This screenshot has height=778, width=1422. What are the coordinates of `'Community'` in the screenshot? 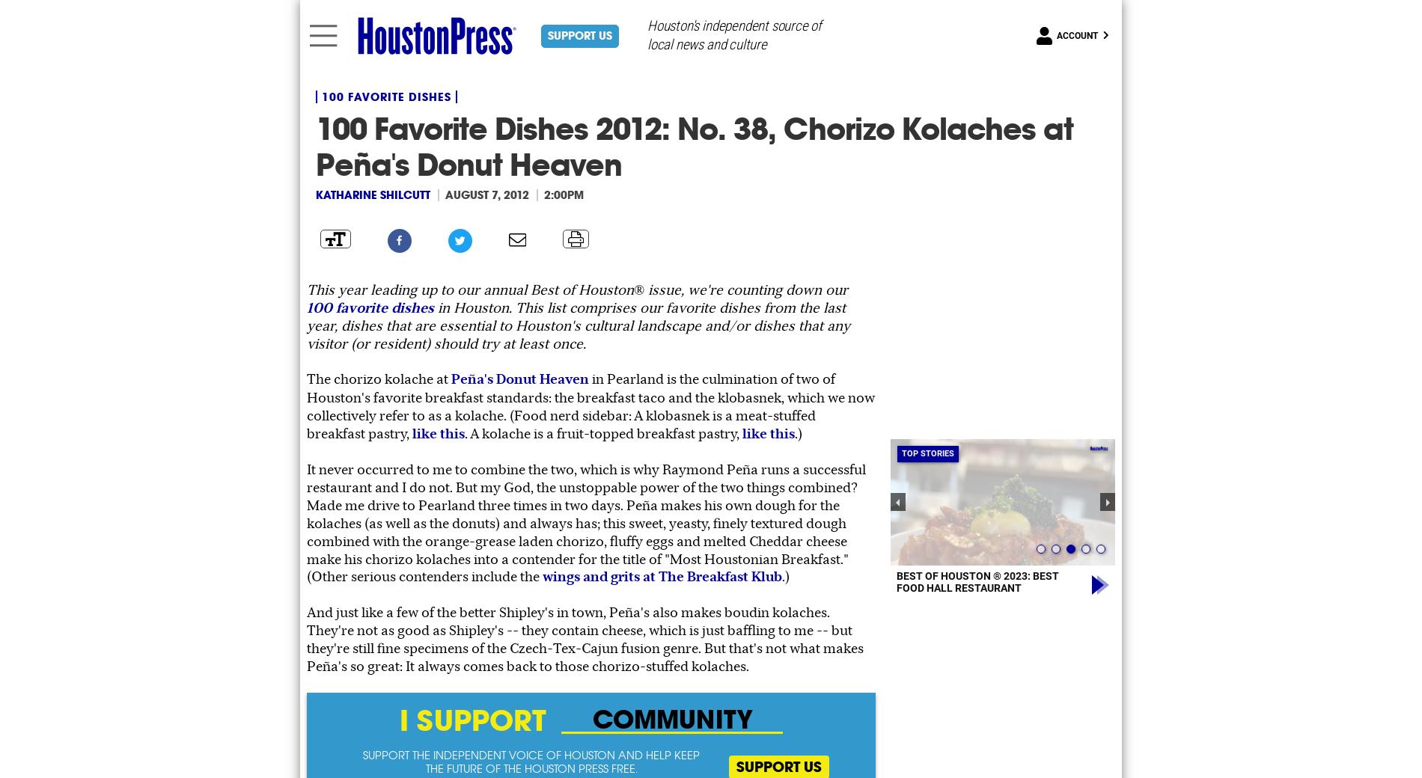 It's located at (1114, 718).